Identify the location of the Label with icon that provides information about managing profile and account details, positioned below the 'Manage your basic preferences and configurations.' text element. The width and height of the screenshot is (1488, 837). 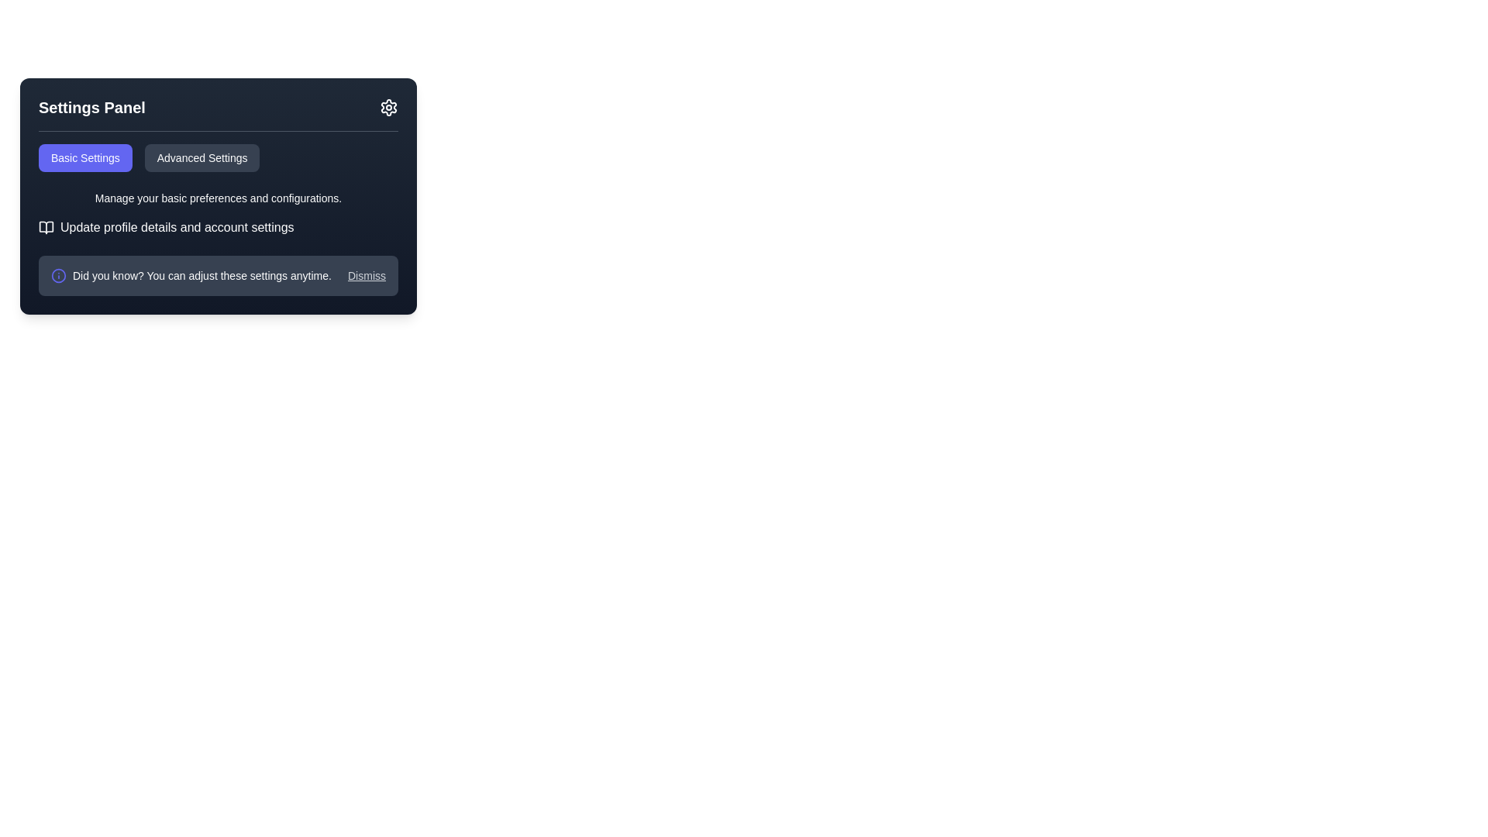
(218, 227).